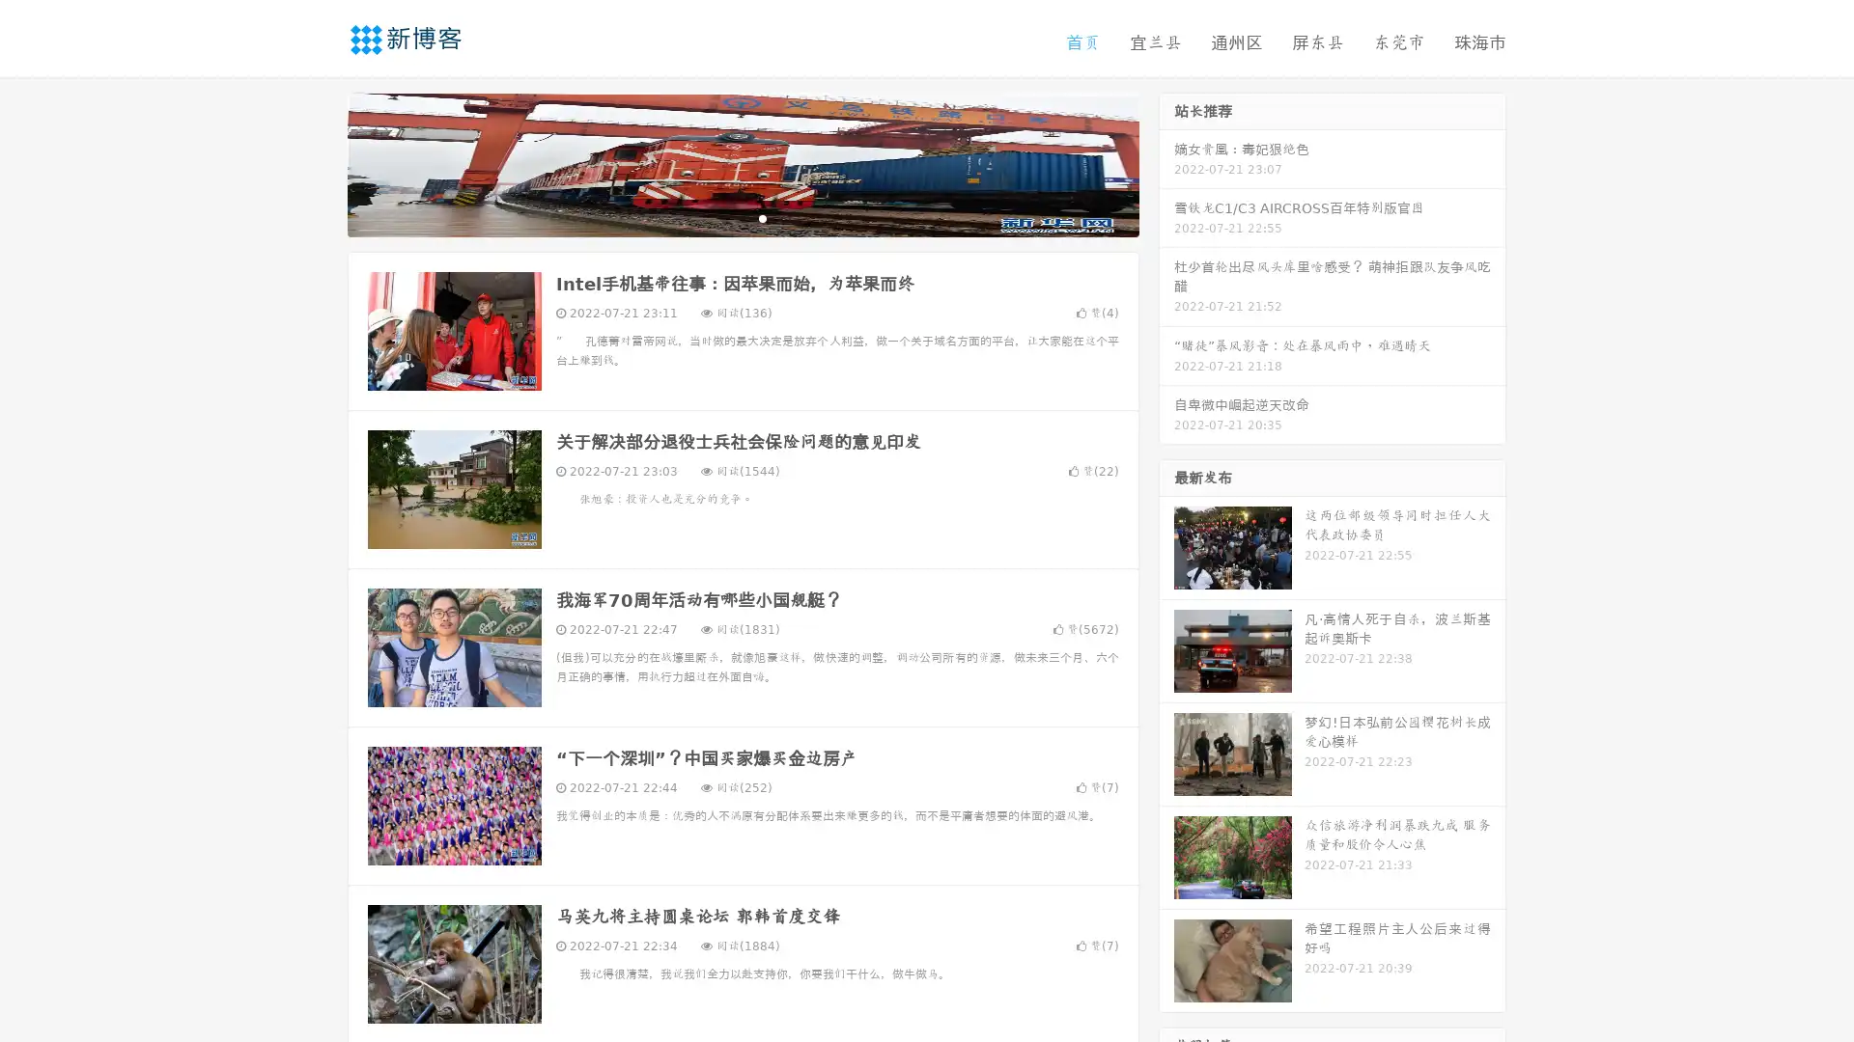 This screenshot has width=1854, height=1042. What do you see at coordinates (1166, 162) in the screenshot?
I see `Next slide` at bounding box center [1166, 162].